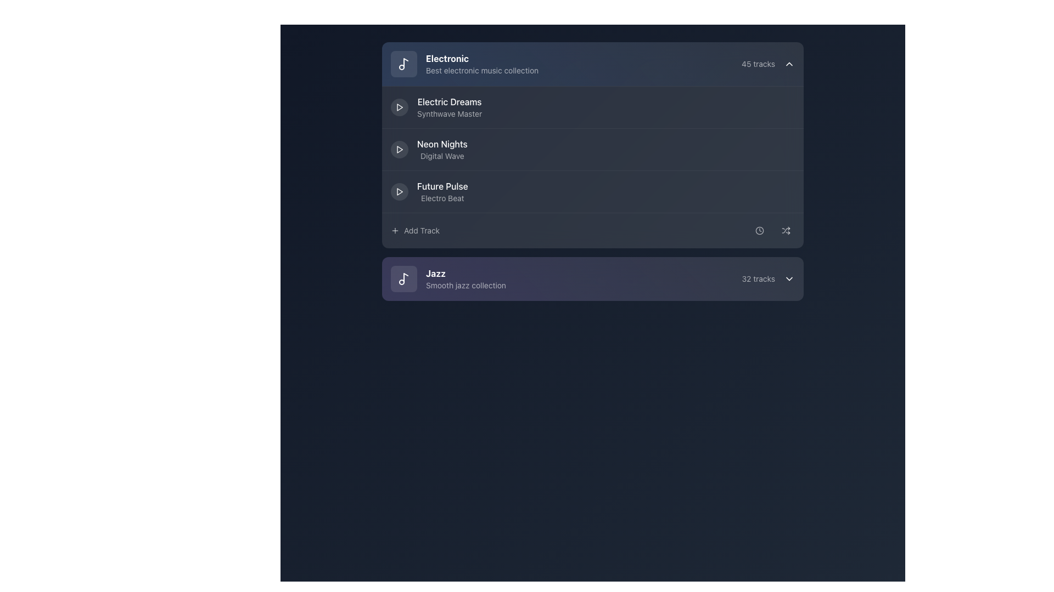 The image size is (1054, 592). What do you see at coordinates (592, 145) in the screenshot?
I see `to select the music track 'Neon Nights' from the list of electronic tracks` at bounding box center [592, 145].